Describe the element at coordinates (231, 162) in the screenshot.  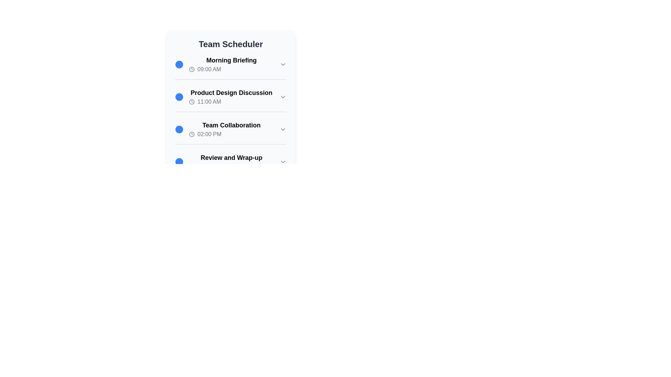
I see `the list item displaying the event titled 'Review and Wrap-up' scheduled at '04:30 PM' within the scheduler interface` at that location.